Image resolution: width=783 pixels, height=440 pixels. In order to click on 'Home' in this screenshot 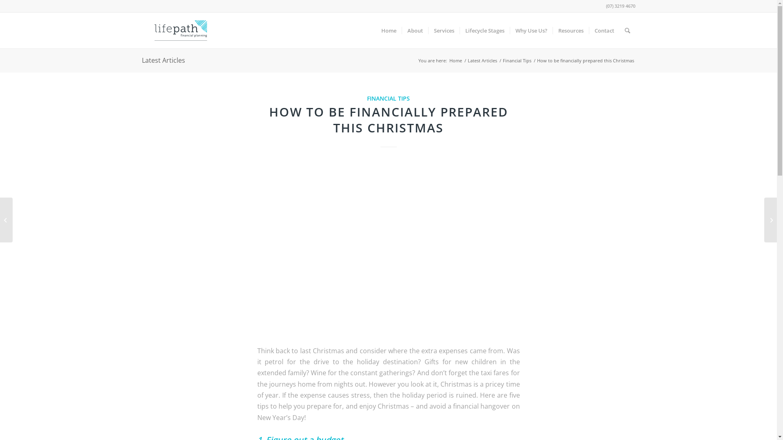, I will do `click(388, 30)`.